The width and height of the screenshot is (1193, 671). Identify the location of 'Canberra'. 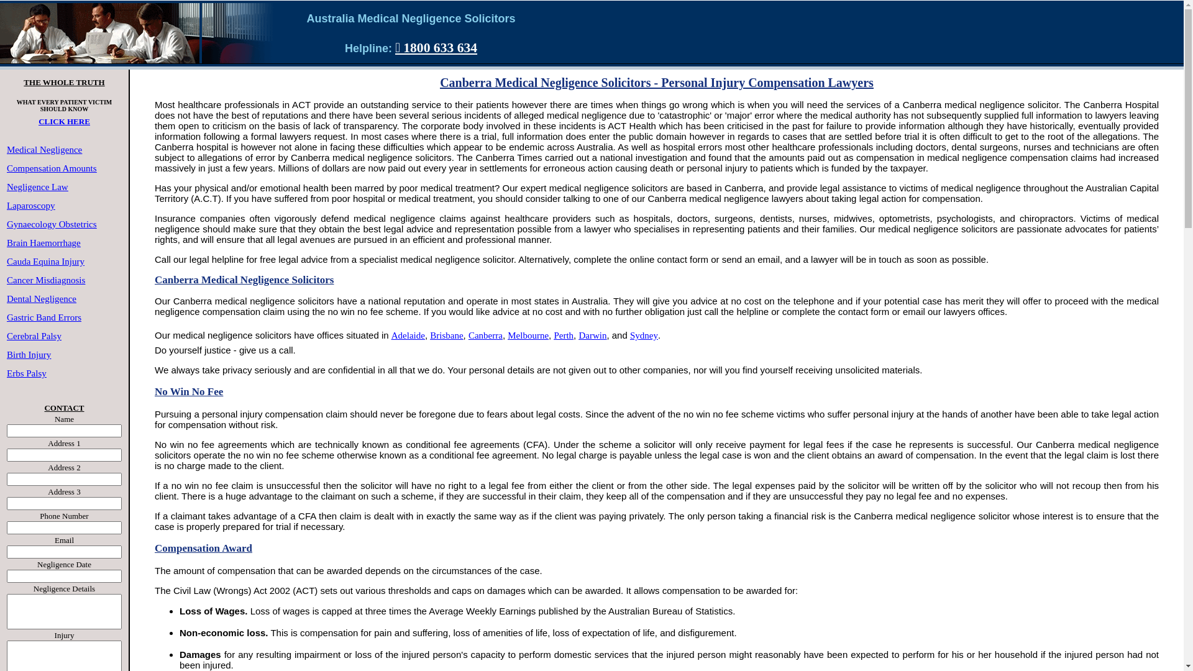
(467, 335).